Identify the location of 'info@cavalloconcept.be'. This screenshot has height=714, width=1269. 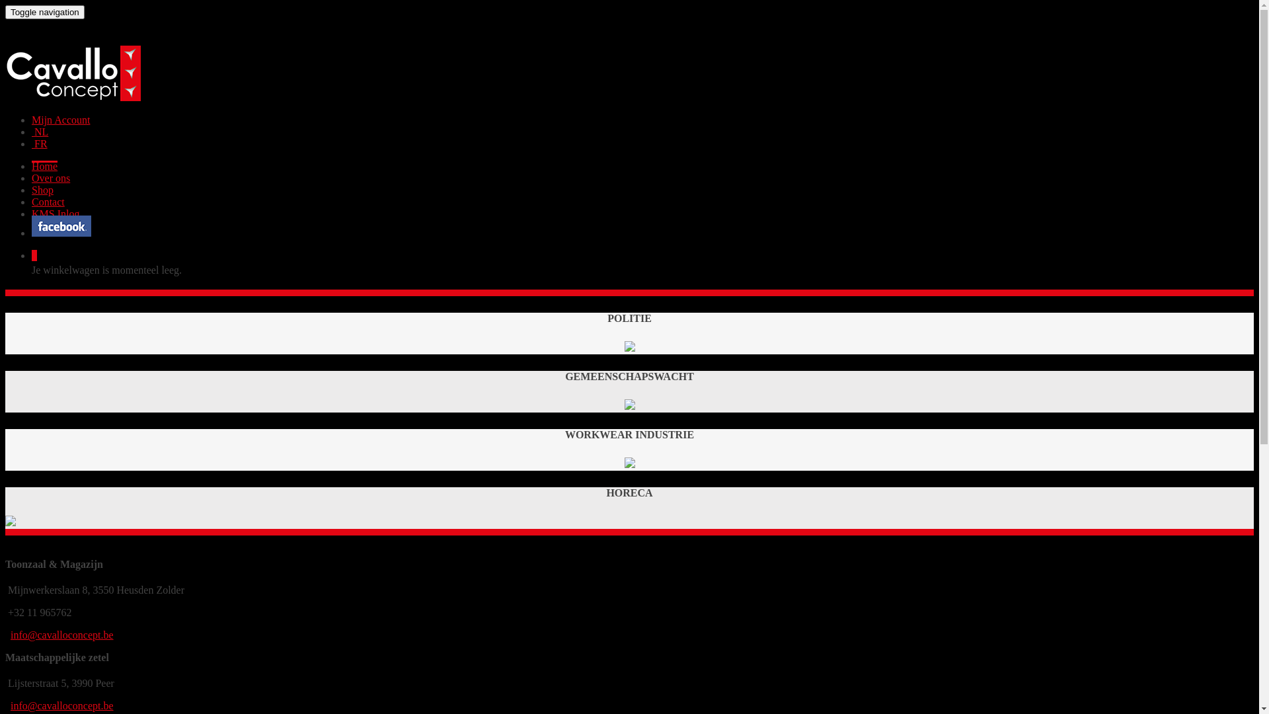
(61, 634).